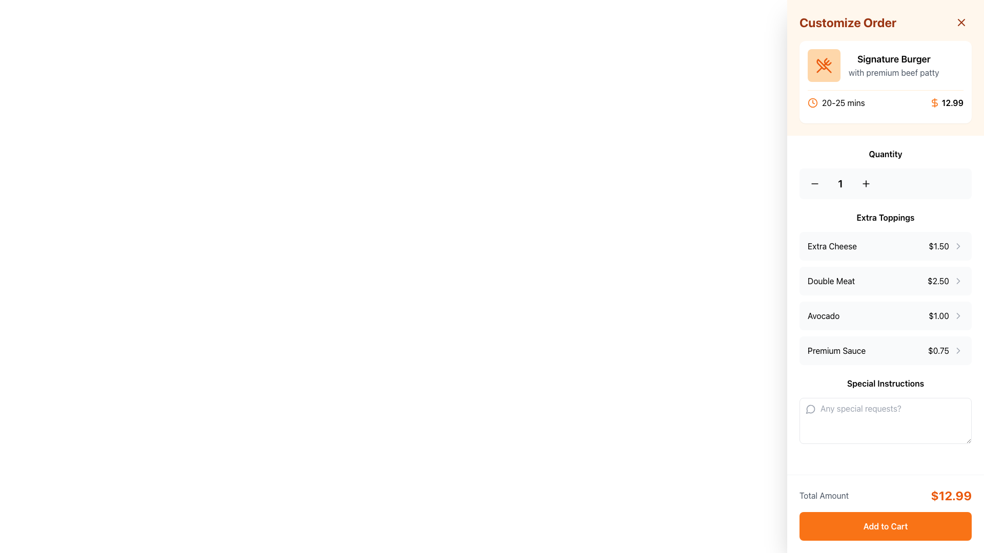  What do you see at coordinates (831, 281) in the screenshot?
I see `the 'Double Meat' text label, which indicates an additional topping option available for selection, located in the 'Extra Toppings' list on the right sidebar of the interface` at bounding box center [831, 281].